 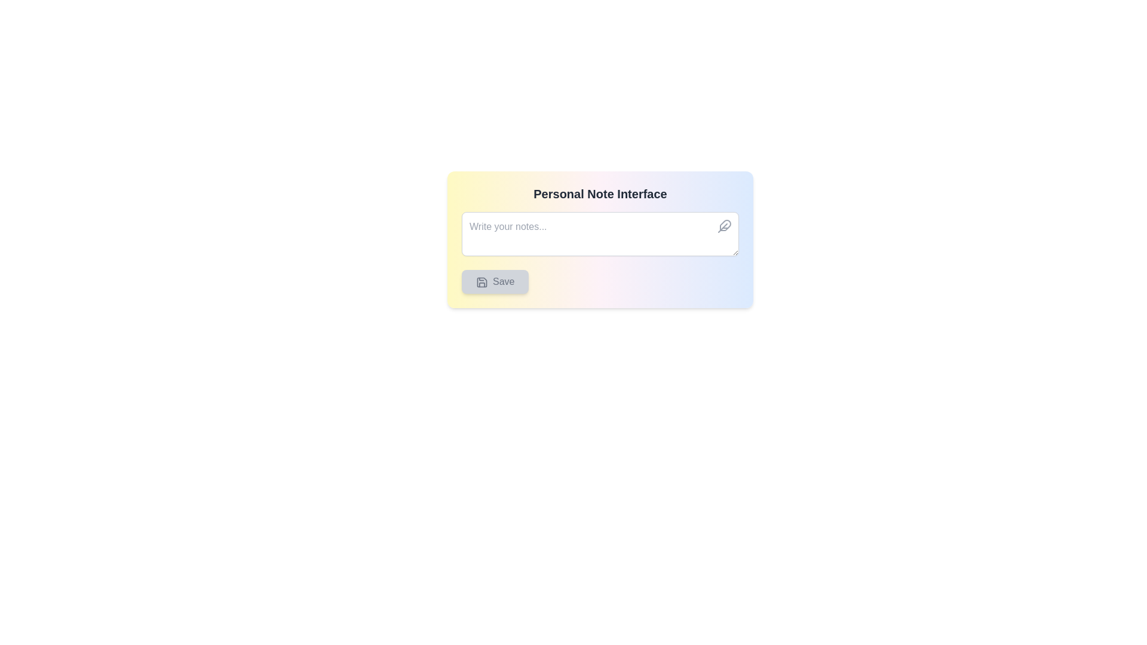 I want to click on the icon located in the upper-right corner of the text input box, so click(x=725, y=225).